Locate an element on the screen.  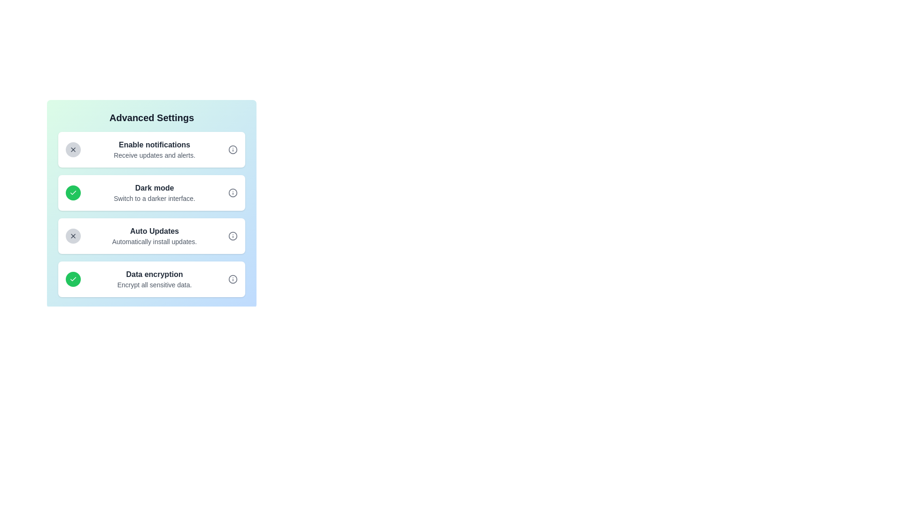
the information icon for Data encryption to view its description is located at coordinates (233, 278).